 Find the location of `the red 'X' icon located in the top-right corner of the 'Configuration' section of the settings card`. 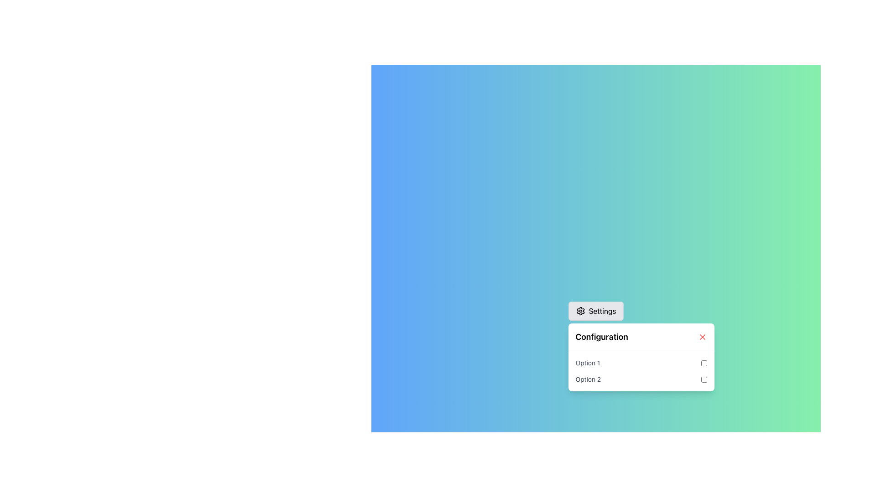

the red 'X' icon located in the top-right corner of the 'Configuration' section of the settings card is located at coordinates (702, 337).